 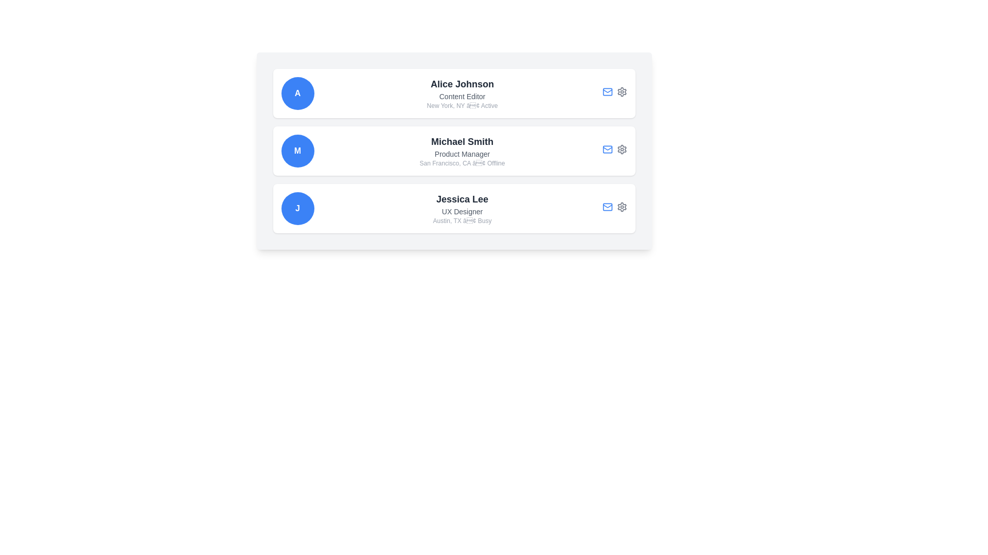 What do you see at coordinates (462, 97) in the screenshot?
I see `the text label displaying 'Content Editor', which is a small light gray text located below 'Alice Johnson' and above 'New York, NY • Active'` at bounding box center [462, 97].